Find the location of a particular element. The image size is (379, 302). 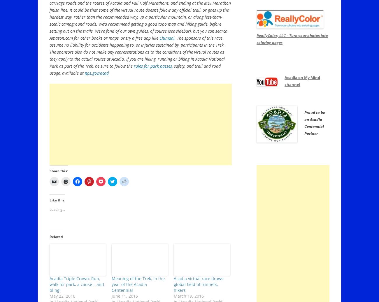

'. The sponsors of this race assume no liability for accidents happening to, or injuries sustained by, participants in the Trek. The sponsors also do not make any representations as to the conditions of the virtual routes as they apply to the actual routes at Acadia. If you are hiking, running or biking in Acadia National Park as part of the Trek, be sure to follow the' is located at coordinates (137, 52).